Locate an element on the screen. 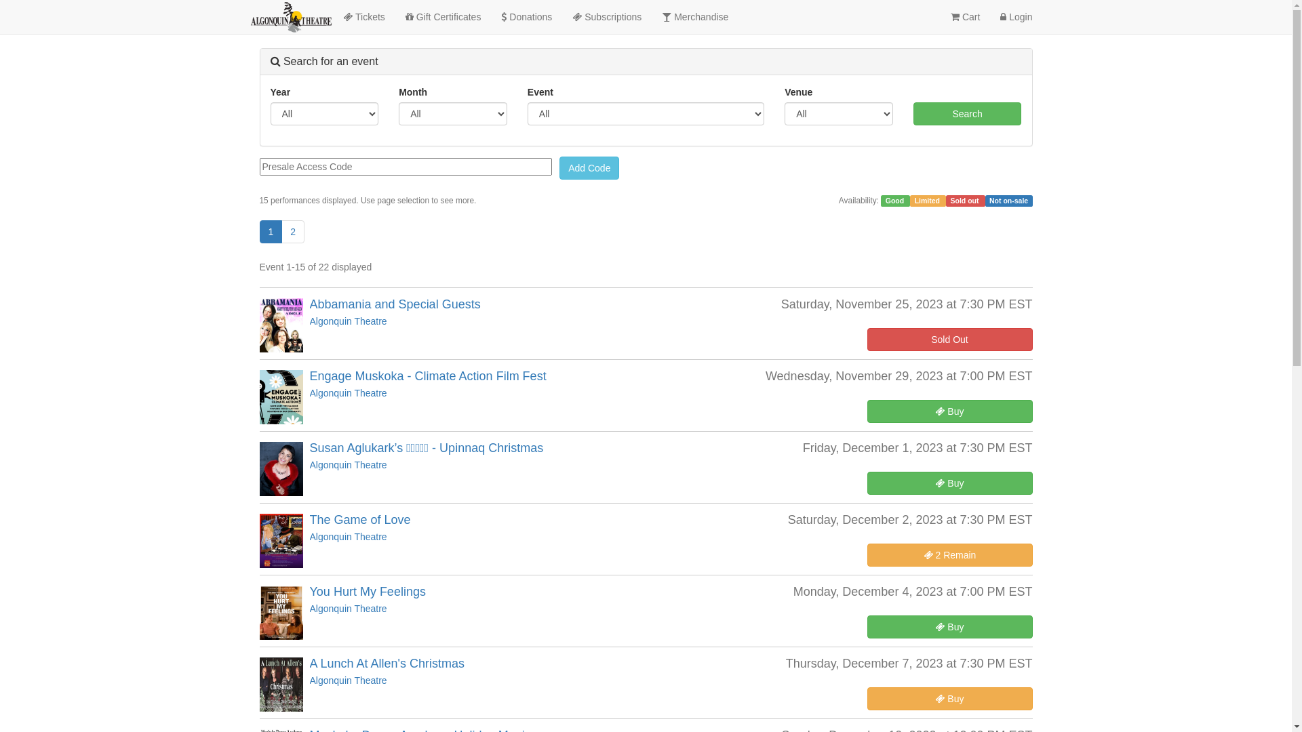 Image resolution: width=1302 pixels, height=732 pixels. 'Donations' is located at coordinates (526, 16).